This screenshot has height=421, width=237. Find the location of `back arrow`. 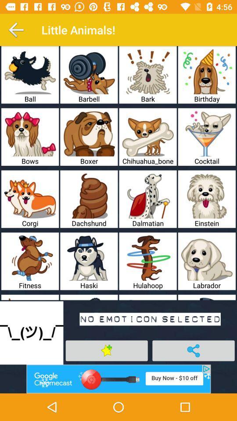

back arrow is located at coordinates (16, 30).